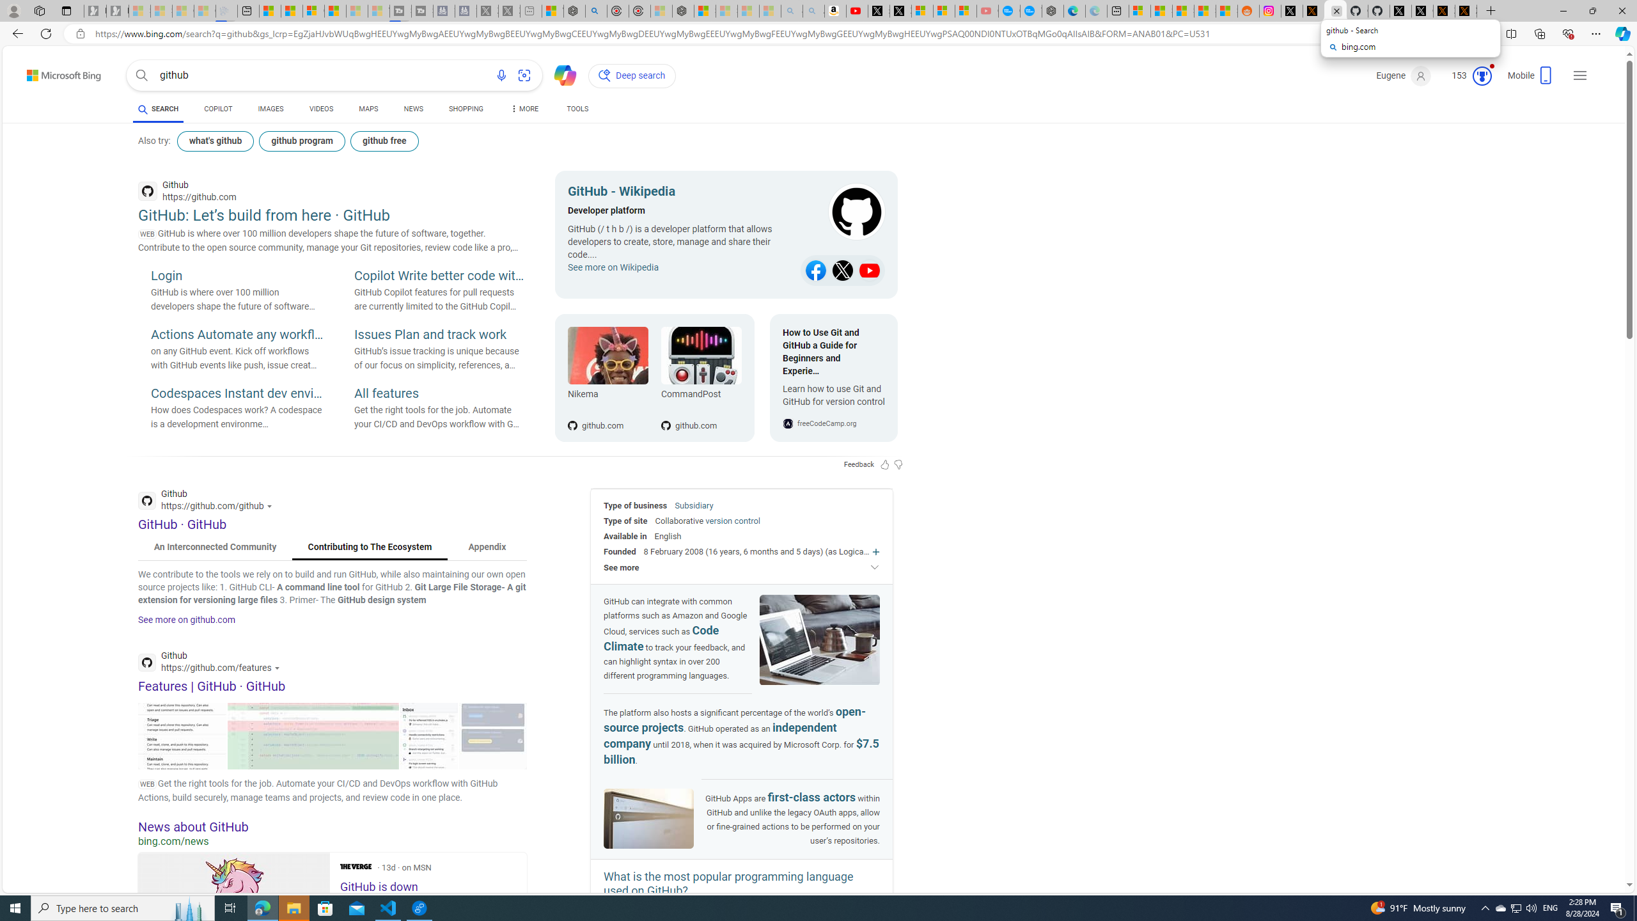 This screenshot has height=921, width=1637. I want to click on 'Feedback Like', so click(884, 464).